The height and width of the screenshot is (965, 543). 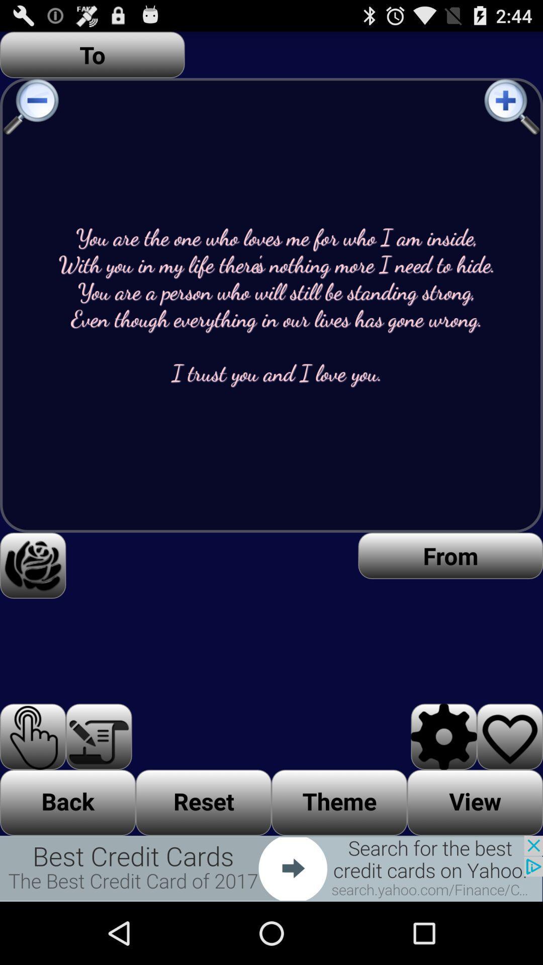 What do you see at coordinates (271, 868) in the screenshot?
I see `best credit cards advertisement` at bounding box center [271, 868].